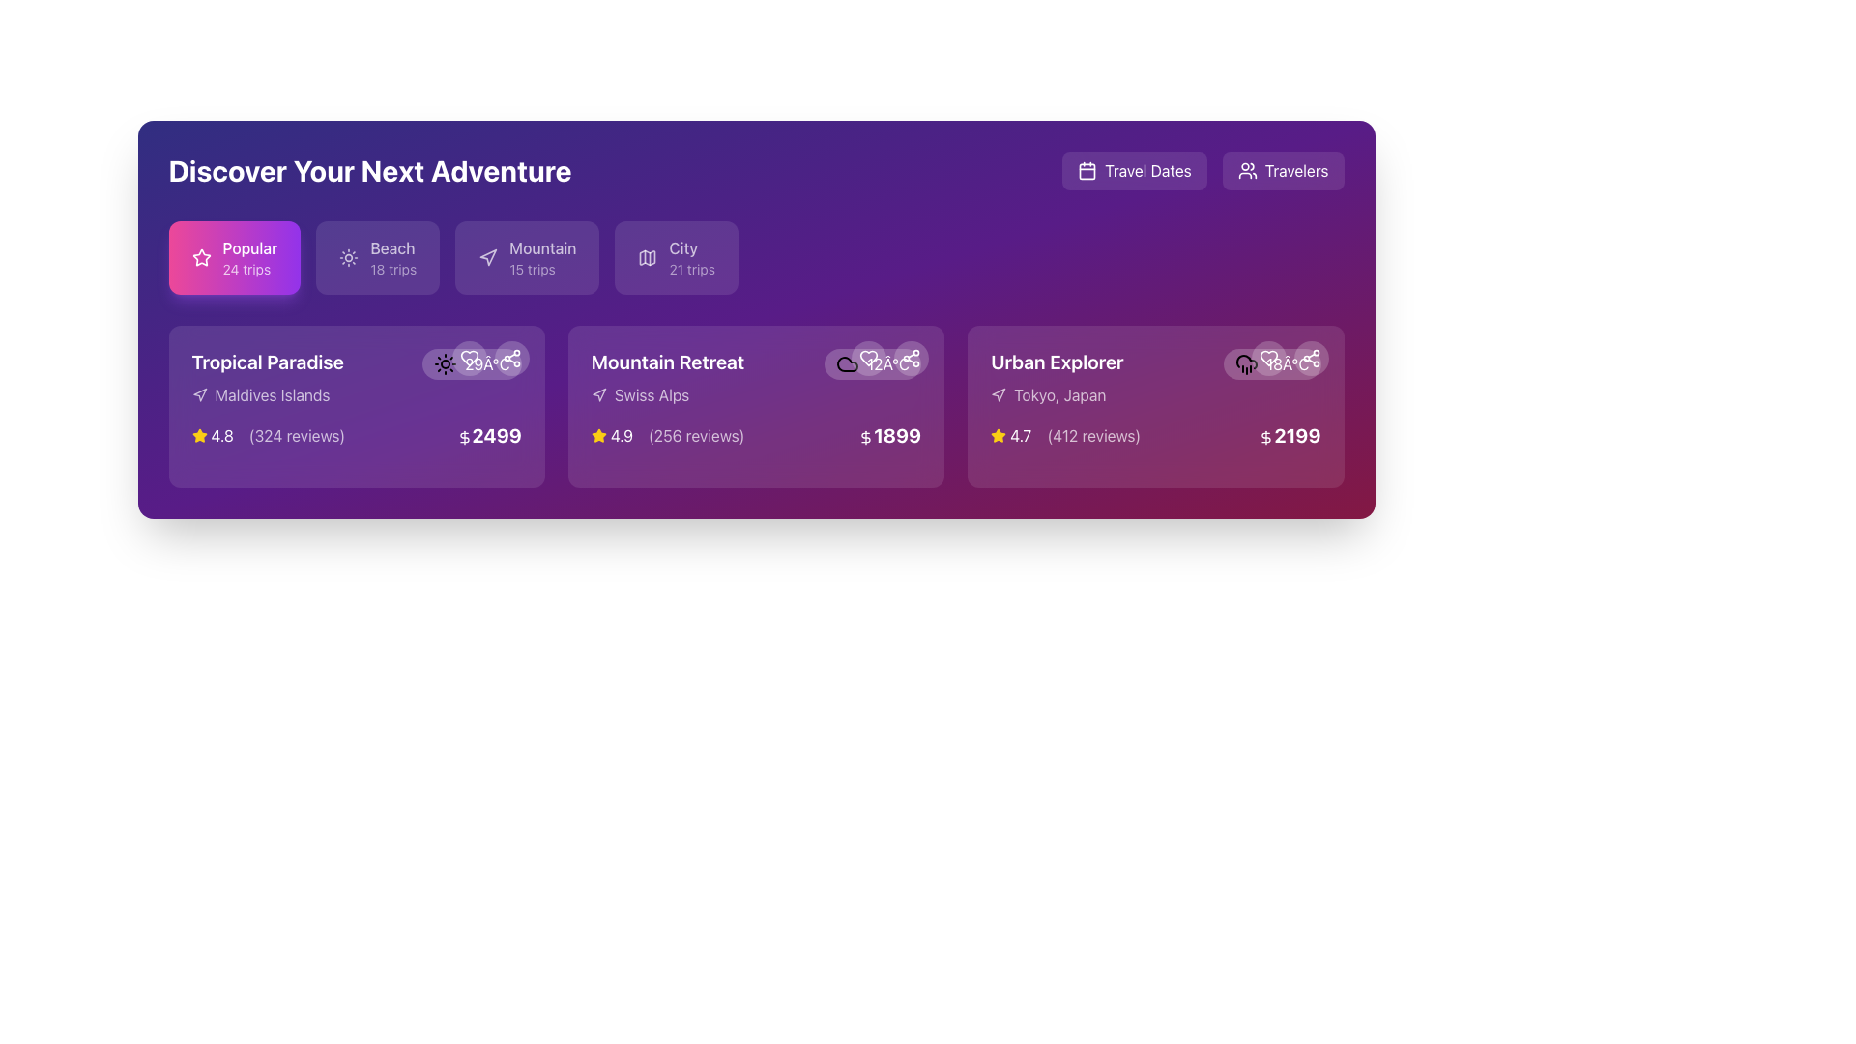  Describe the element at coordinates (201, 256) in the screenshot. I see `the star icon located within the 'Popular 24 trips' button, positioned to the left of the text, which indicates popularity or favorite status` at that location.